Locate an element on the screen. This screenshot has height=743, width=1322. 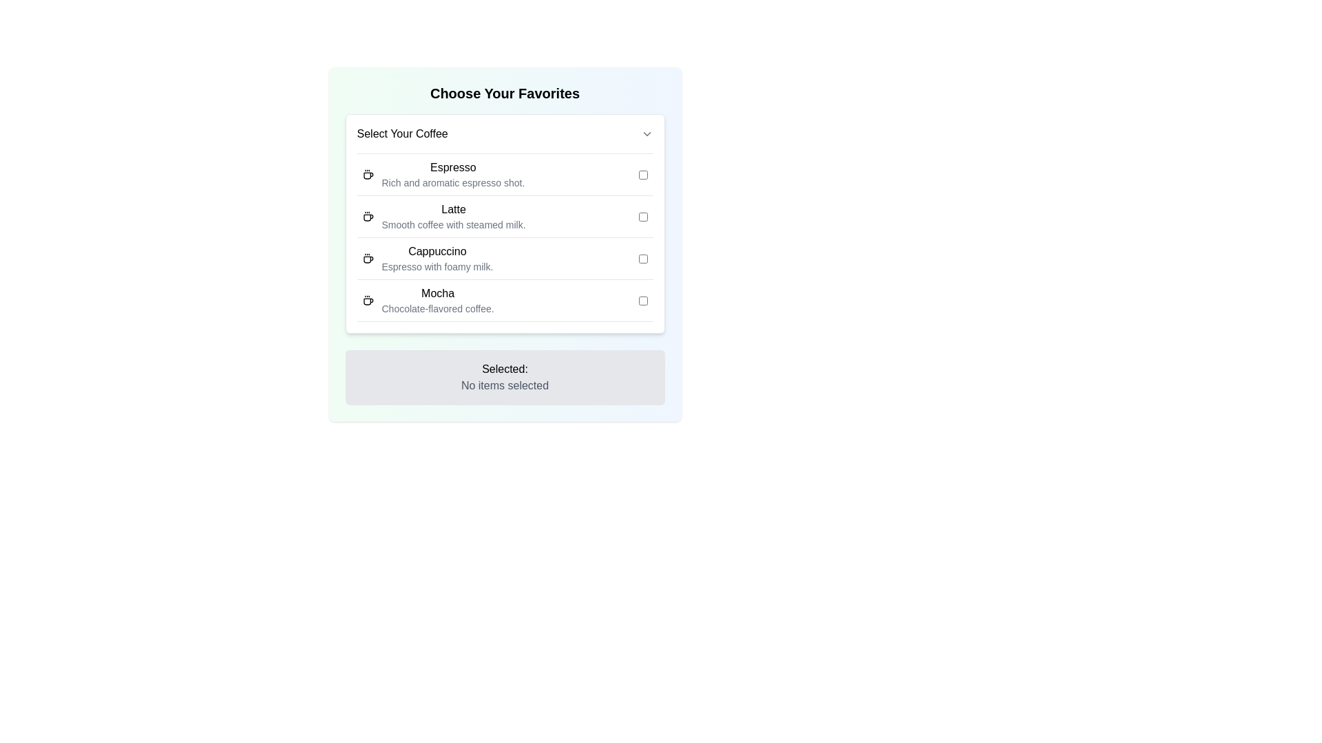
informational text label describing the characteristics of the 'Cappuccino' option, which is positioned beneath the 'Cappuccino' title in the coffee options list is located at coordinates (437, 267).